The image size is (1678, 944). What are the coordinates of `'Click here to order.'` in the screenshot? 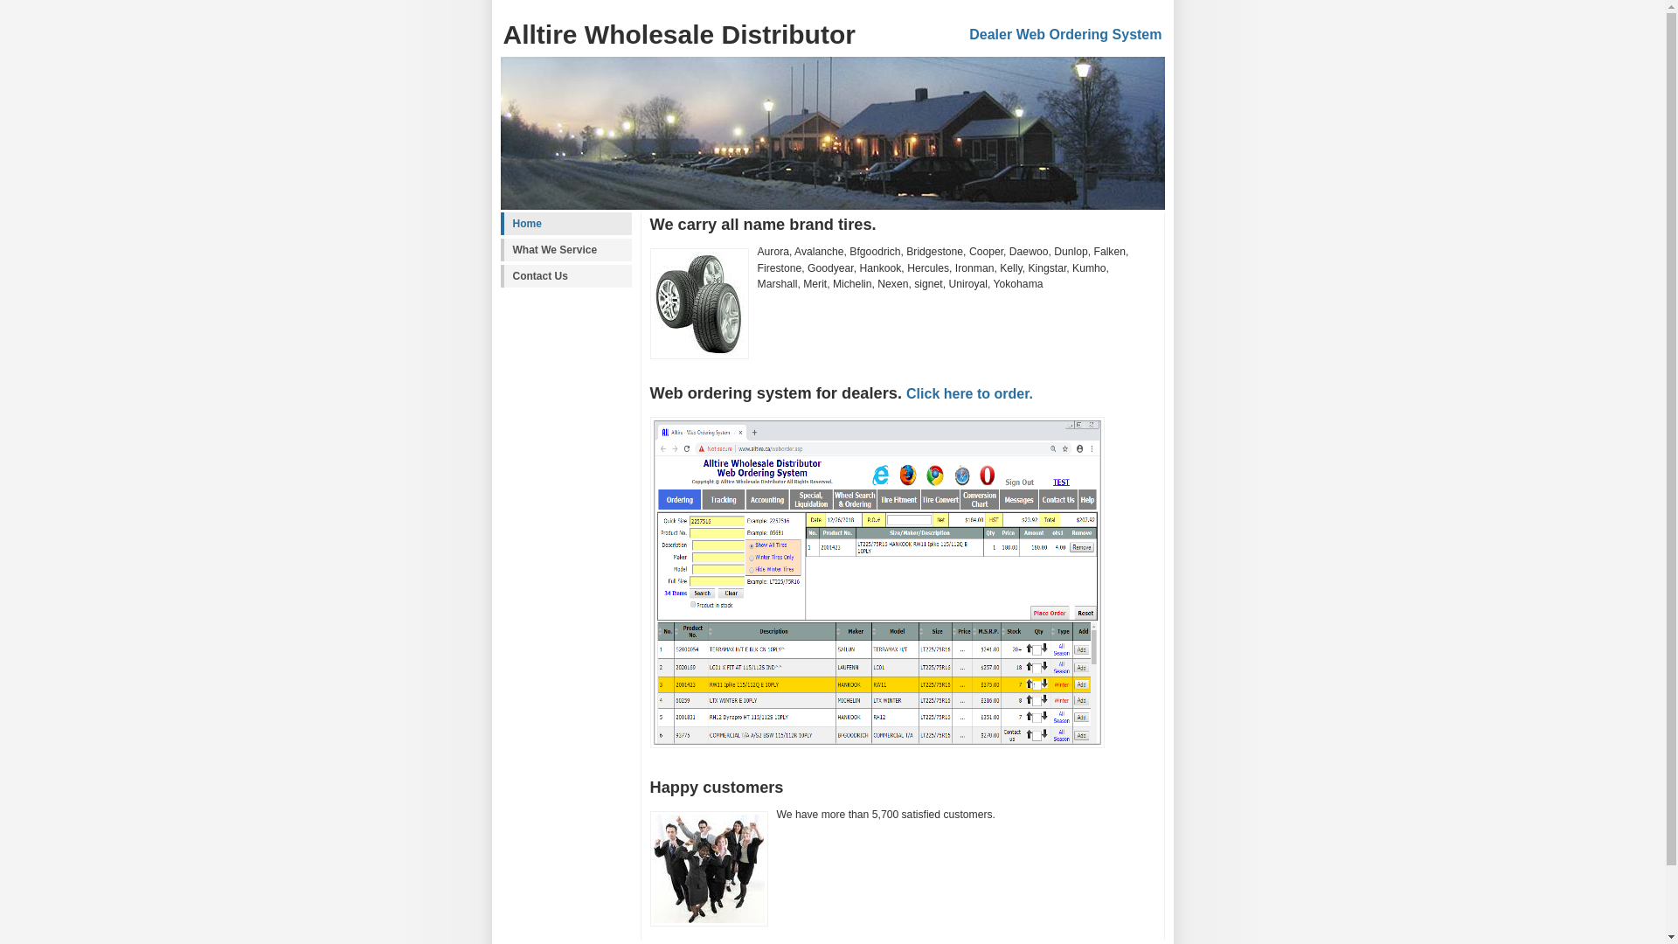 It's located at (968, 393).